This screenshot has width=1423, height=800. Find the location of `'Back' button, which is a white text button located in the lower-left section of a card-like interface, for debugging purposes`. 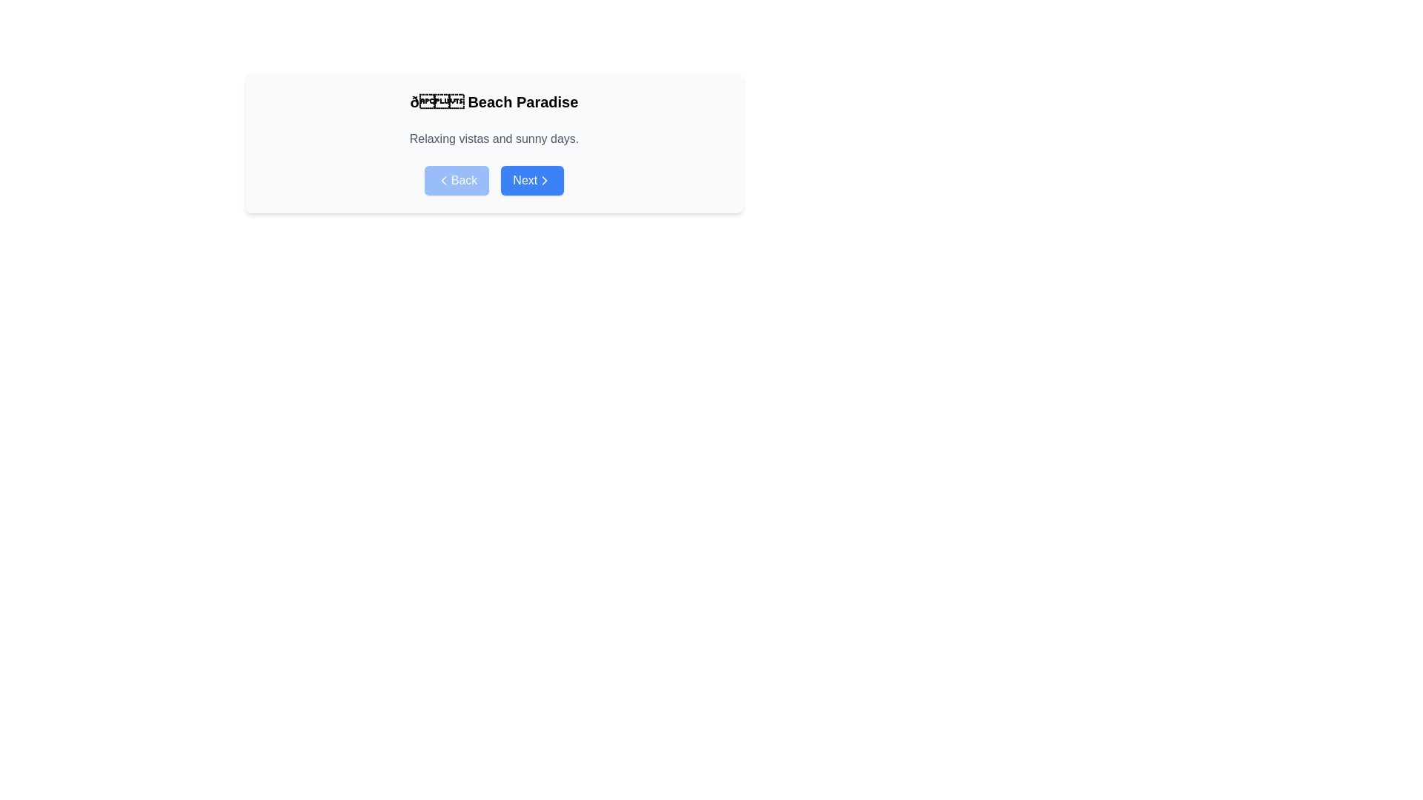

'Back' button, which is a white text button located in the lower-left section of a card-like interface, for debugging purposes is located at coordinates (442, 179).